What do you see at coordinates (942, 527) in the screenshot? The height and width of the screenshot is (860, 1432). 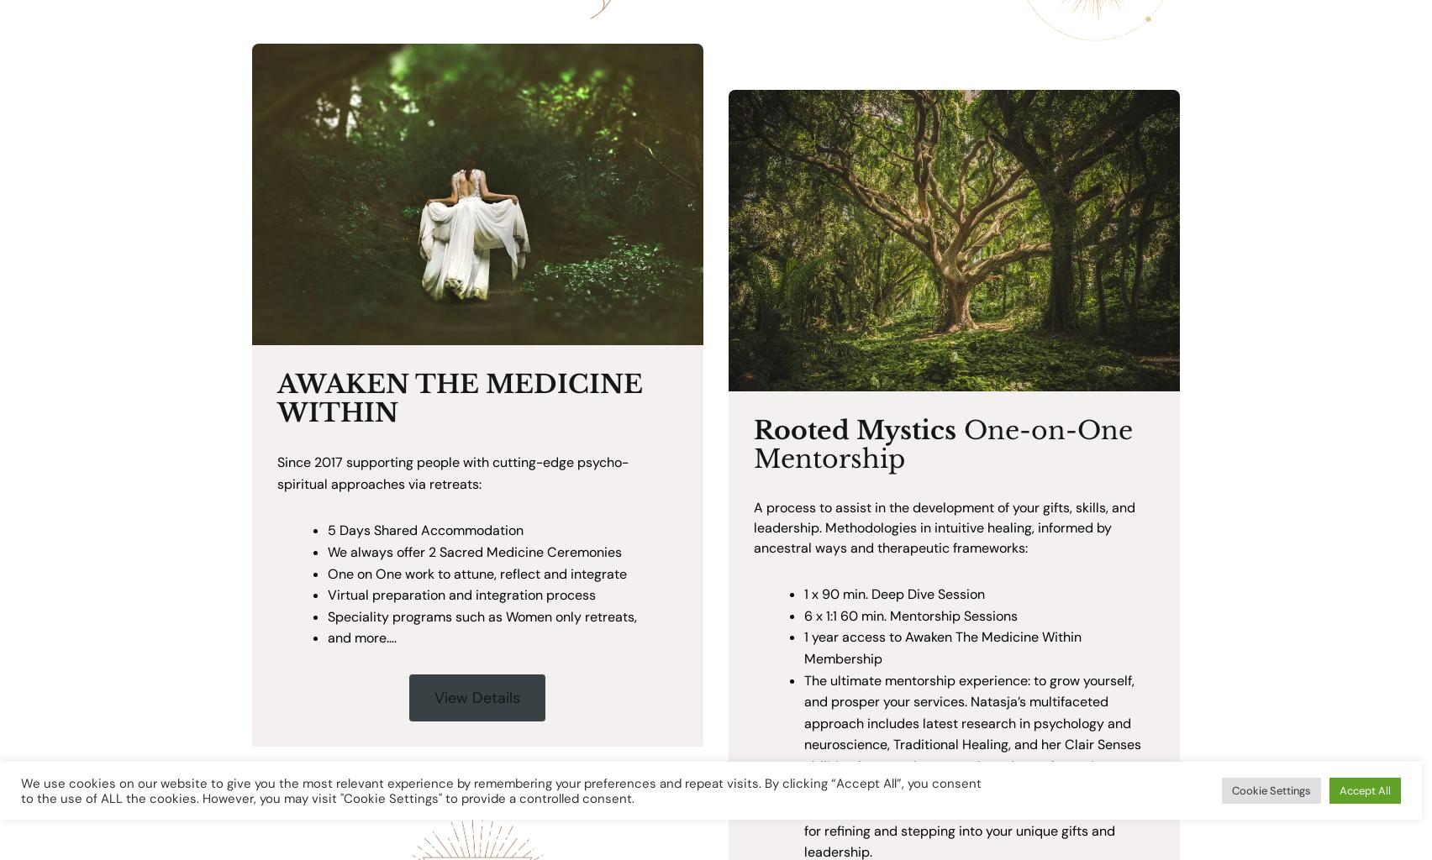 I see `'A process to assist in the development of your gifts, skills, and leadership. Methodologies in intuitive healing, informed by ancestral ways and therapeutic frameworks:'` at bounding box center [942, 527].